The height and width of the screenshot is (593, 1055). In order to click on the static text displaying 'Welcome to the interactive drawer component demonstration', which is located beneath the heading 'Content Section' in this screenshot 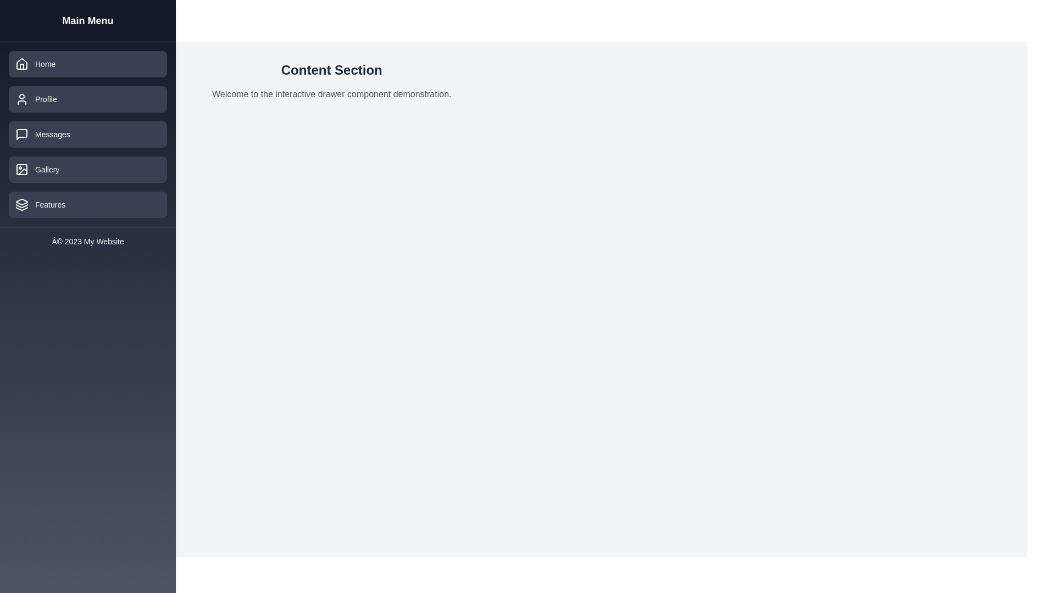, I will do `click(331, 94)`.